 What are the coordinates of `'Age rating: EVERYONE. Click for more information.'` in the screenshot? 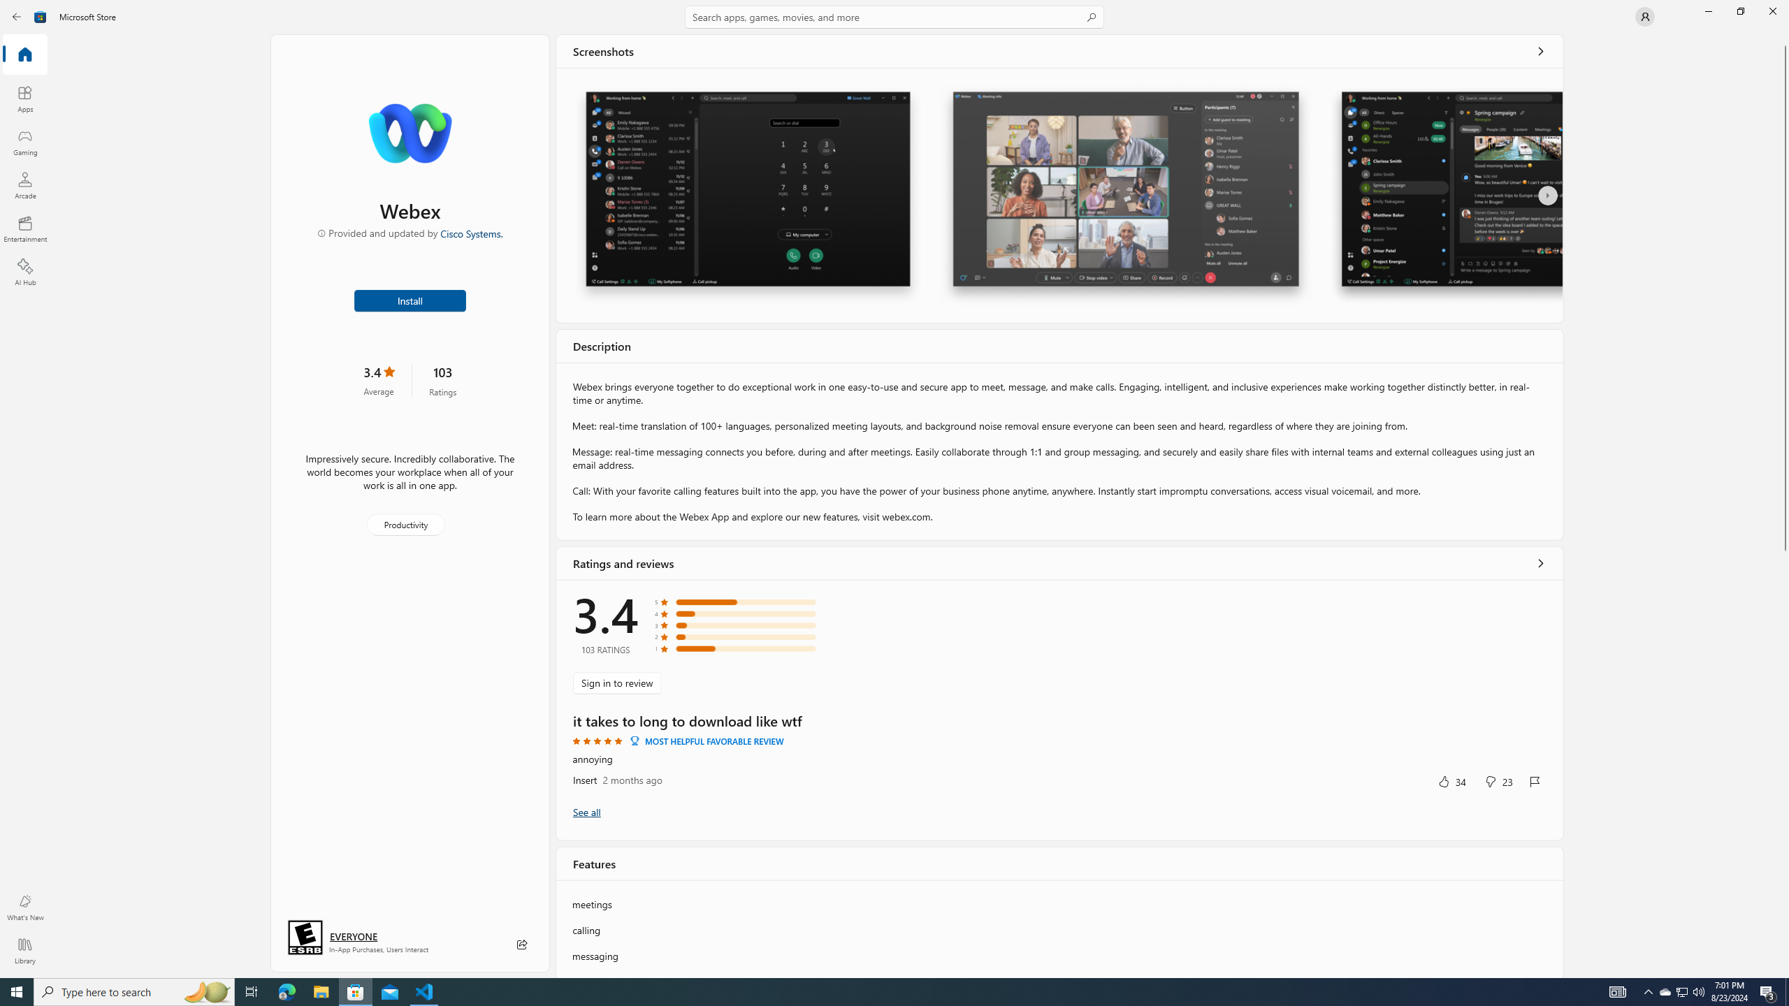 It's located at (353, 936).